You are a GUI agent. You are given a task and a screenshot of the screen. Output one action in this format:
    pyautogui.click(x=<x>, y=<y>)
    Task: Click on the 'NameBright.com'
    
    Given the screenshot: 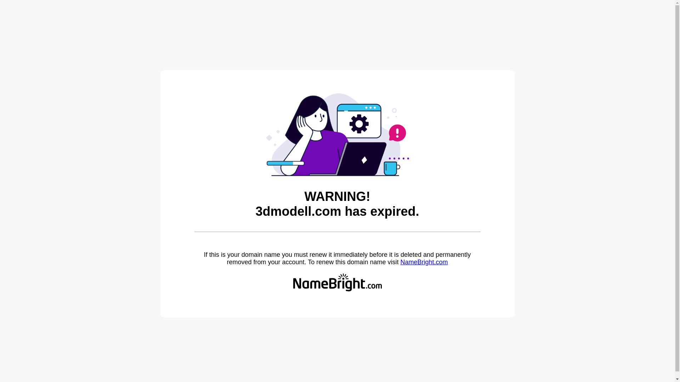 What is the action you would take?
    pyautogui.click(x=424, y=262)
    